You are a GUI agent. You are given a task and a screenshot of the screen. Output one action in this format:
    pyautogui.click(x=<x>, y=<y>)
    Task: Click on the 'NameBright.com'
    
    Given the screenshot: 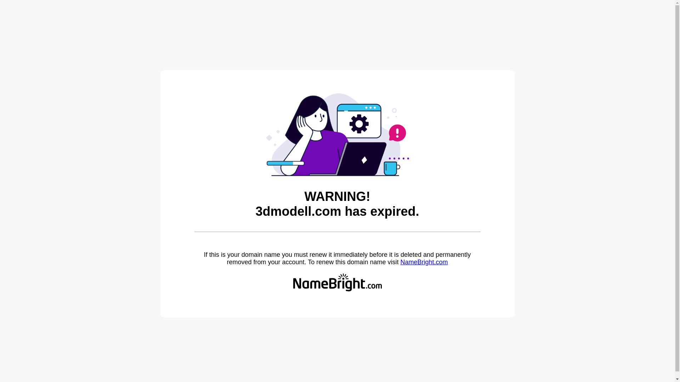 What is the action you would take?
    pyautogui.click(x=424, y=262)
    